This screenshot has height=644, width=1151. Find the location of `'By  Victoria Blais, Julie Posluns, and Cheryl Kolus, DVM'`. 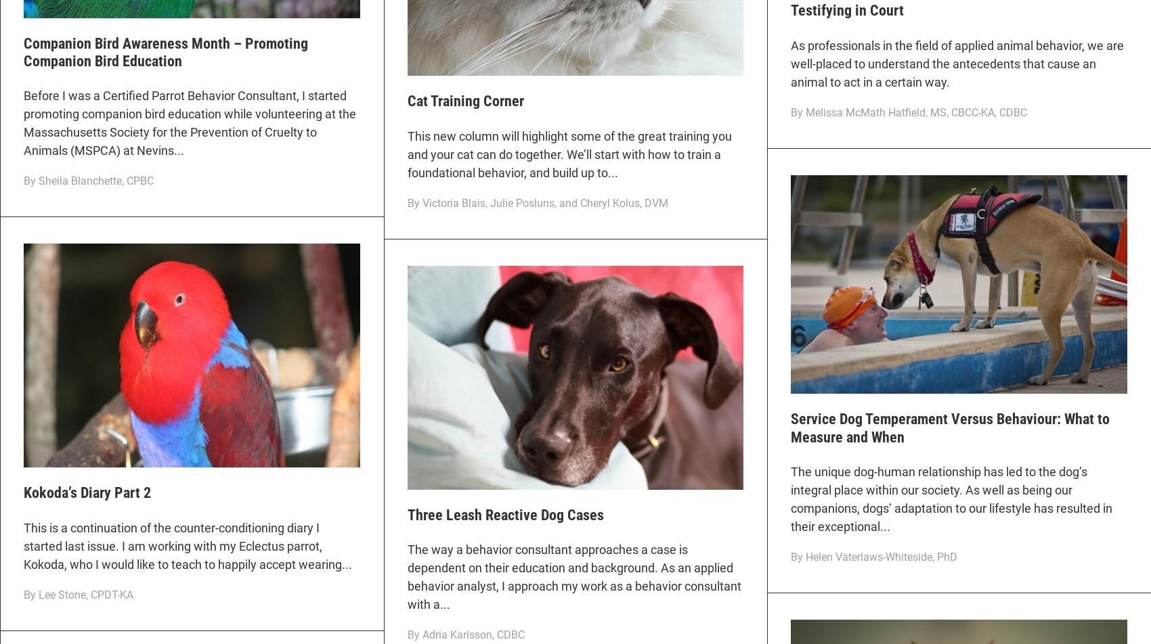

'By  Victoria Blais, Julie Posluns, and Cheryl Kolus, DVM' is located at coordinates (536, 202).